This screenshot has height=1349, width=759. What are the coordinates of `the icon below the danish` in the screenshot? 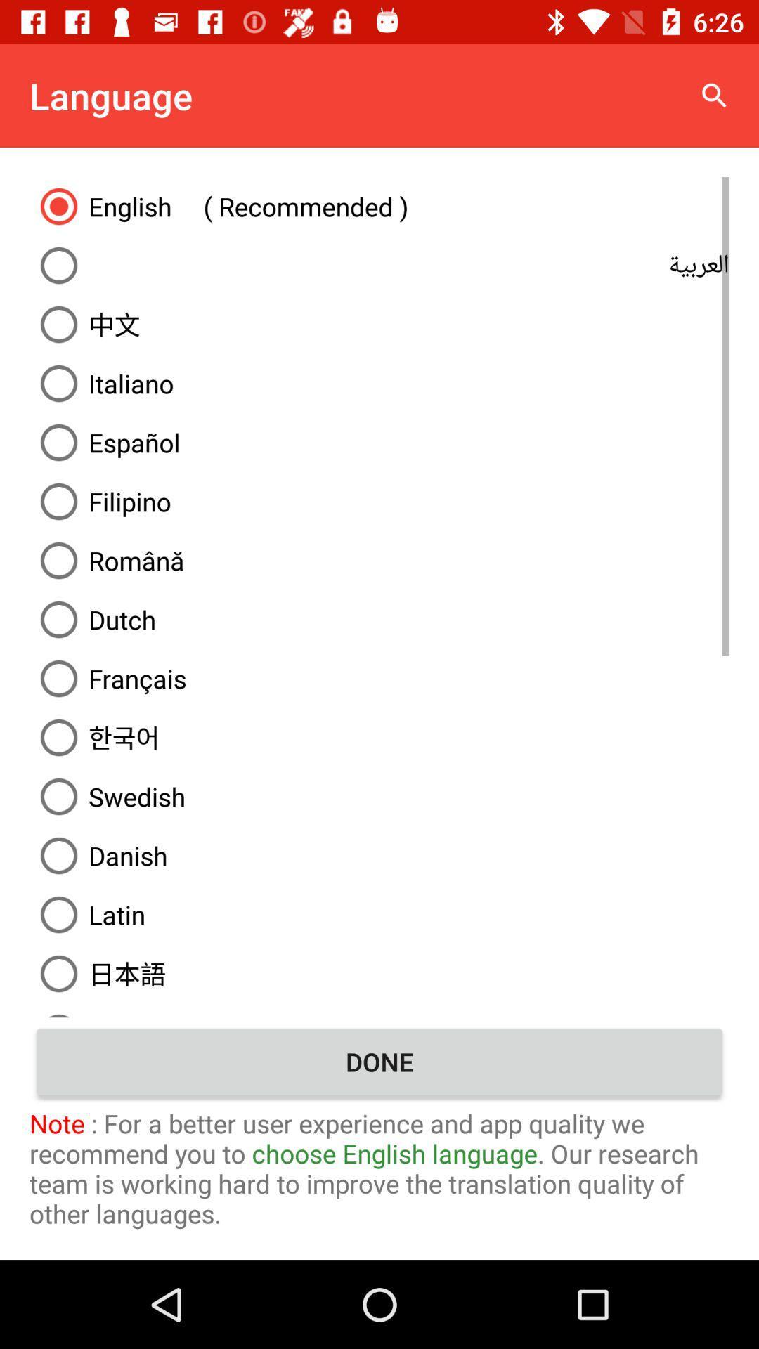 It's located at (379, 914).